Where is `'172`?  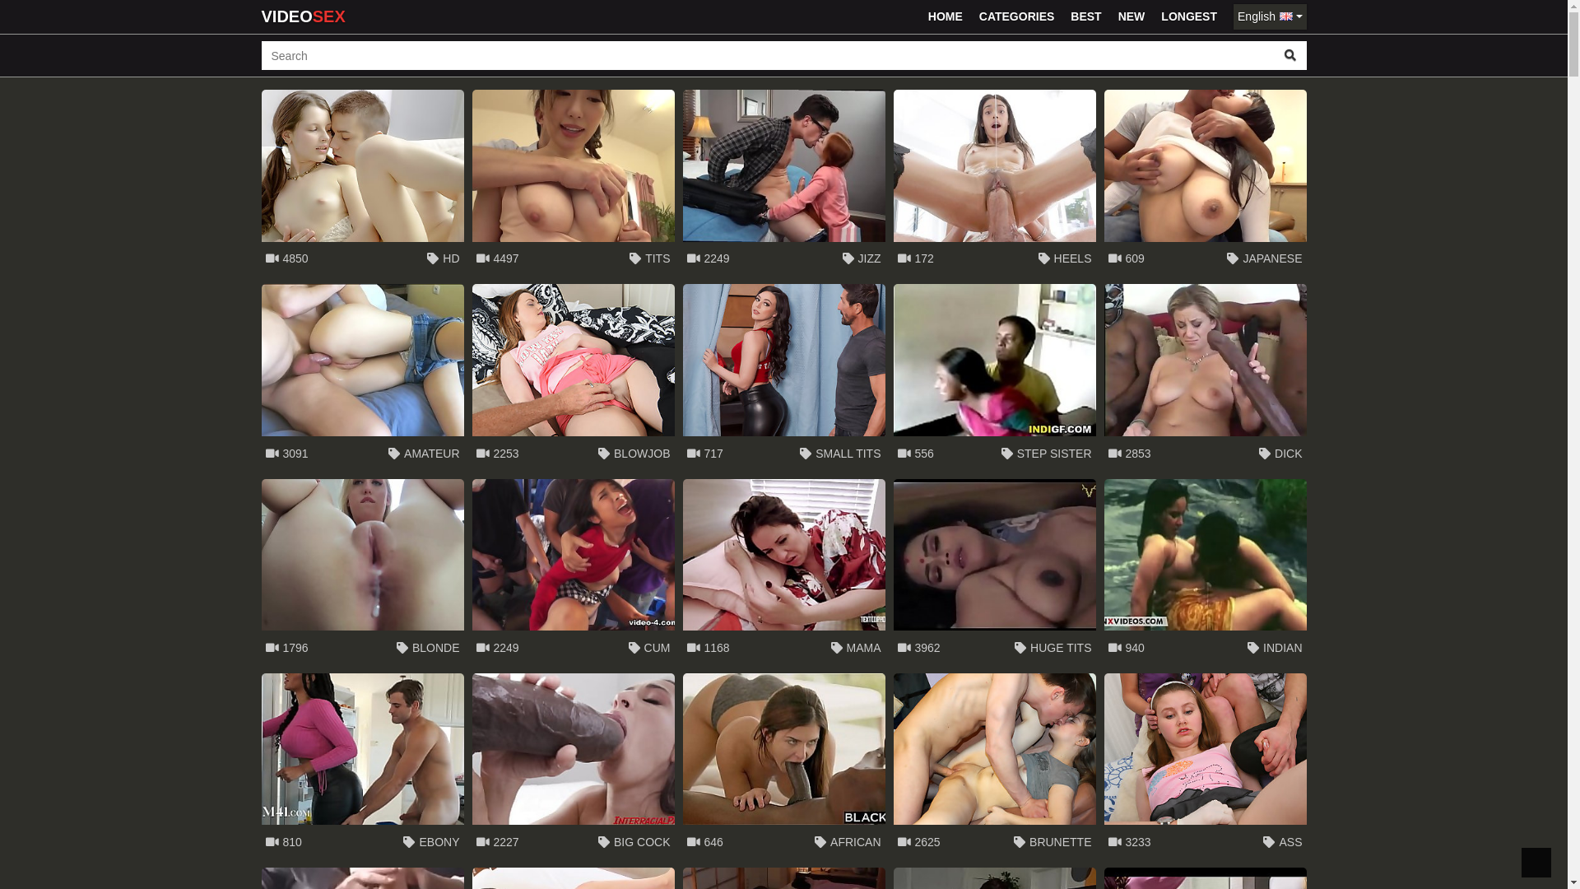
'172 is located at coordinates (994, 183).